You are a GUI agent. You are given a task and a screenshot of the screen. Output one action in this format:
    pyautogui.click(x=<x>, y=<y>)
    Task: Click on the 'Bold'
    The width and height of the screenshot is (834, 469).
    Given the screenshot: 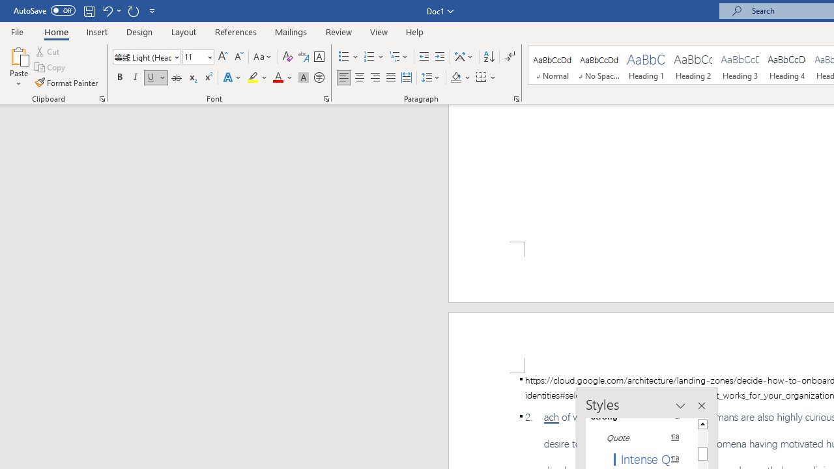 What is the action you would take?
    pyautogui.click(x=119, y=78)
    